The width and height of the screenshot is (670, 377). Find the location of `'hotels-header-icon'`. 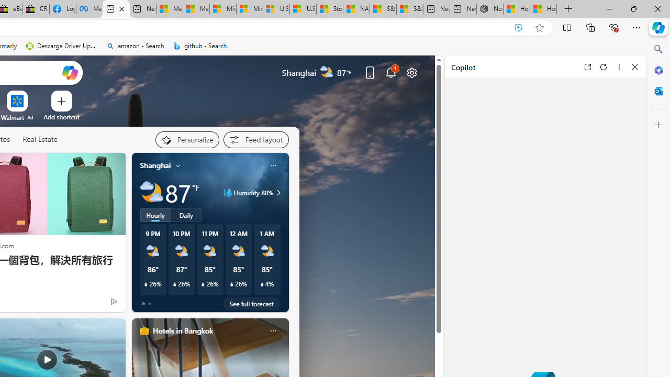

'hotels-header-icon' is located at coordinates (143, 331).